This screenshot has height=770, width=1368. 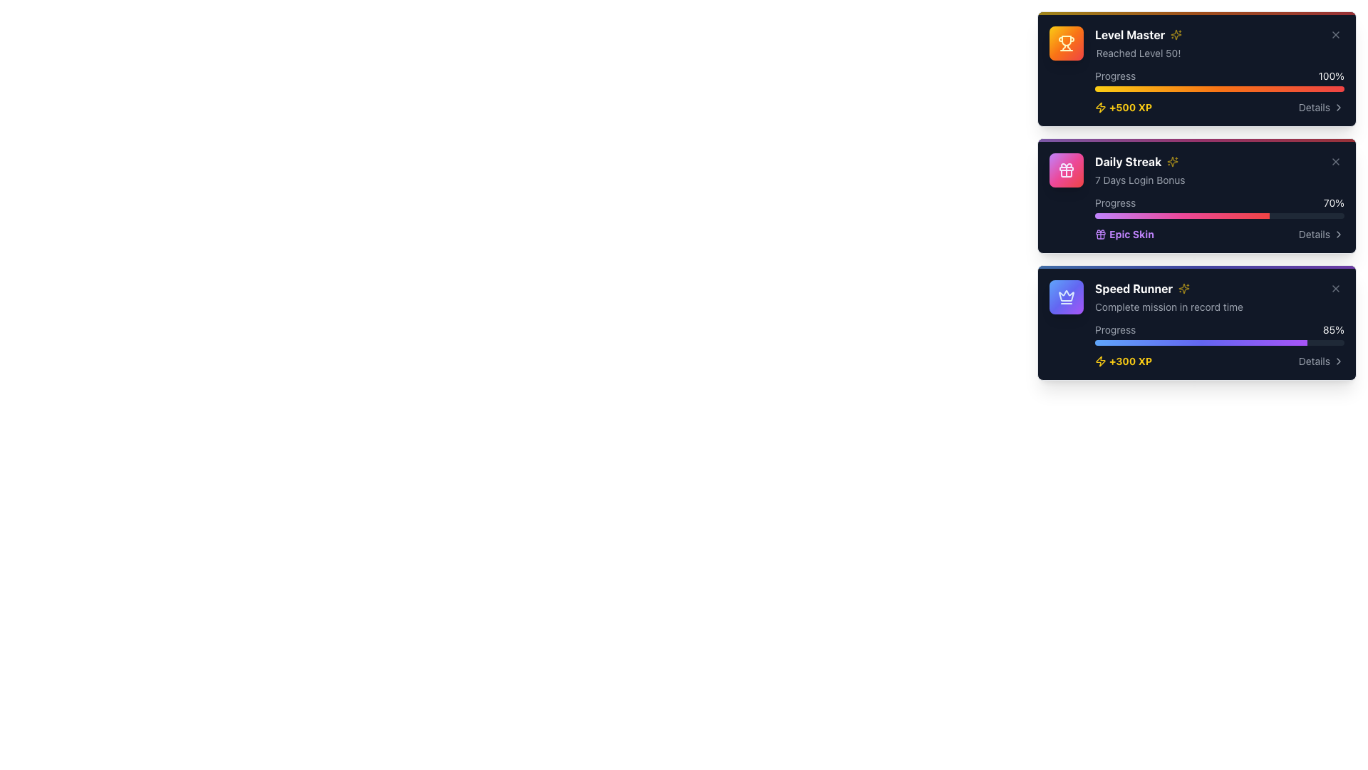 I want to click on the text label displaying '85%' in bold white font, which serves as a progress indicator on the 'Speed Runner' card, so click(x=1333, y=329).